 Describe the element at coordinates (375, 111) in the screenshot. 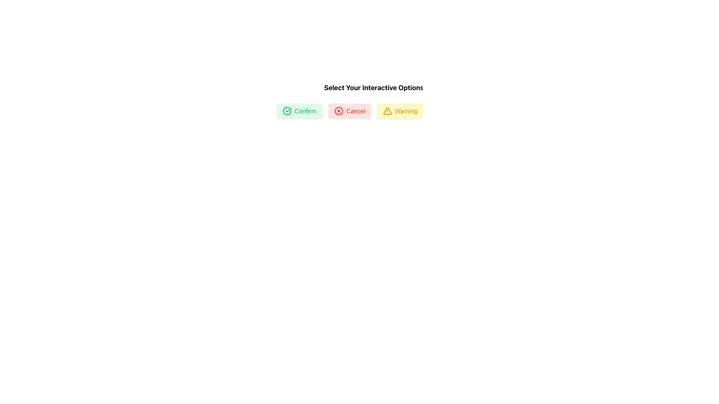

I see `the 'Warning' option in the navigation group of buttons, which is positioned between 'Cancel' and 'Protect'` at that location.